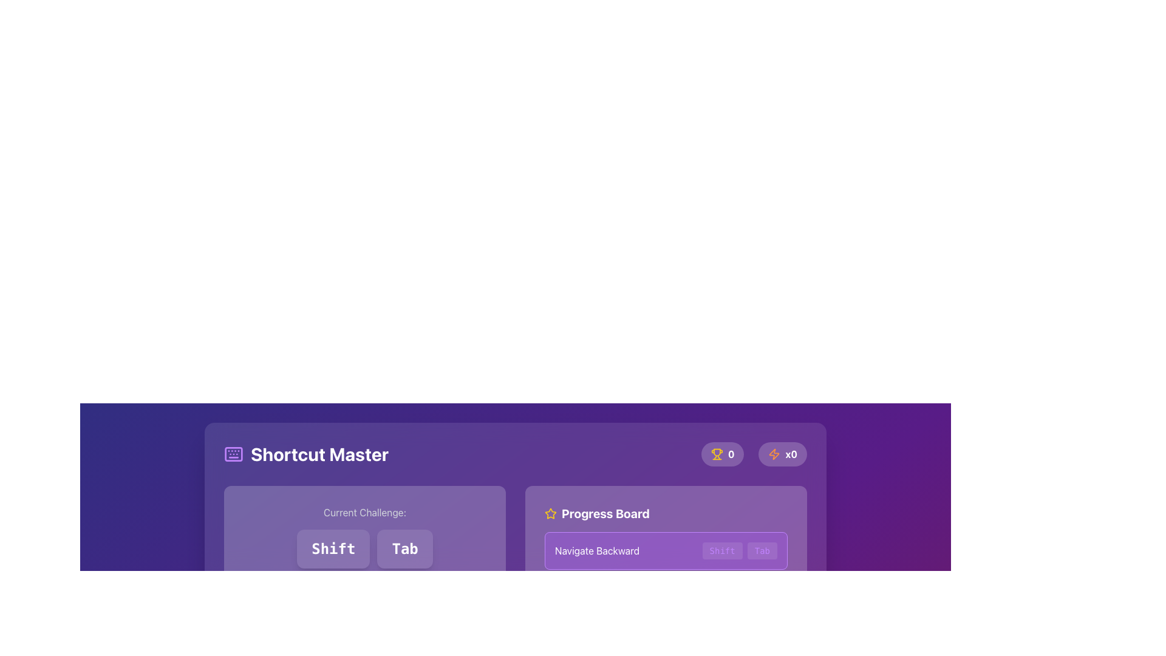 The width and height of the screenshot is (1166, 656). What do you see at coordinates (717, 454) in the screenshot?
I see `the trophy icon located in the top-right corner of the interface, which is styled in yellow and positioned to the left of the numeric count within a rounded rectangular button element` at bounding box center [717, 454].